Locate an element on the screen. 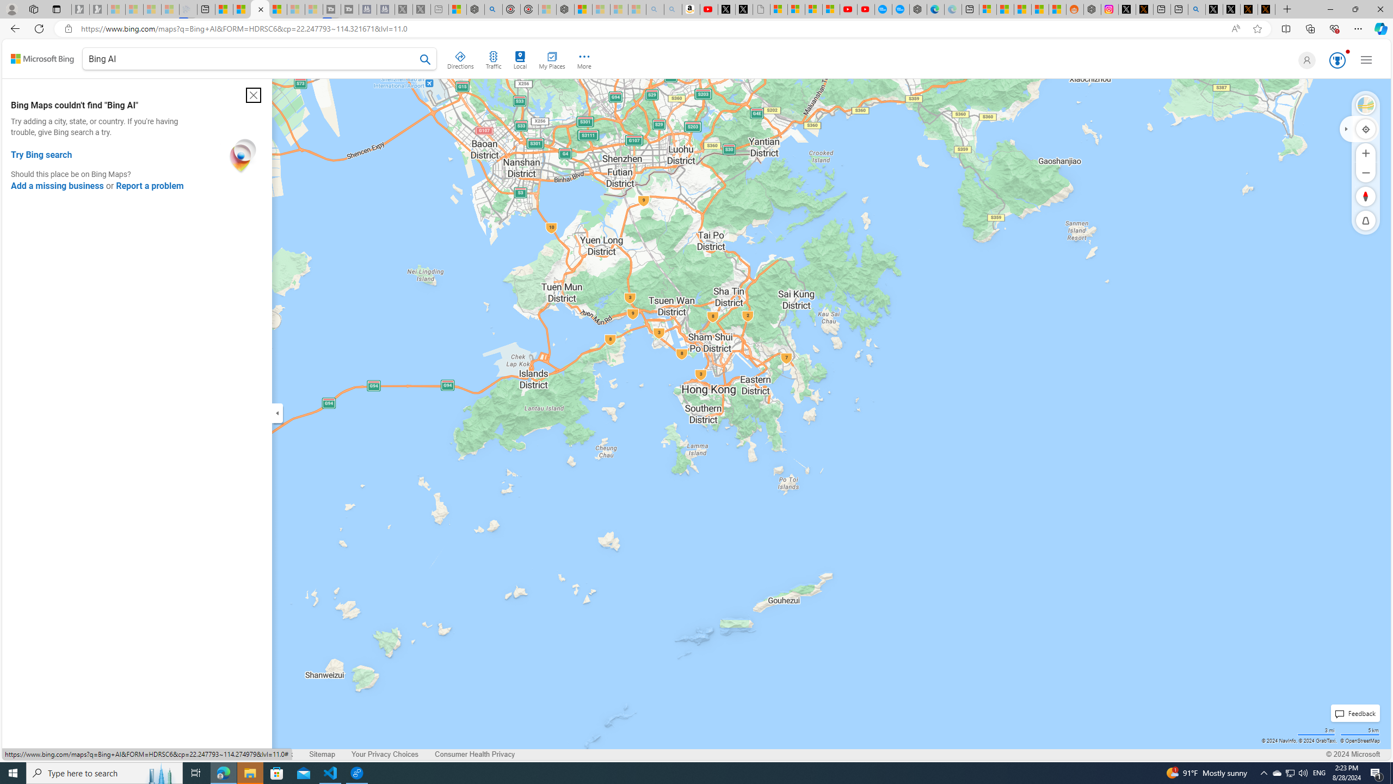  'Class: sbElement' is located at coordinates (42, 58).